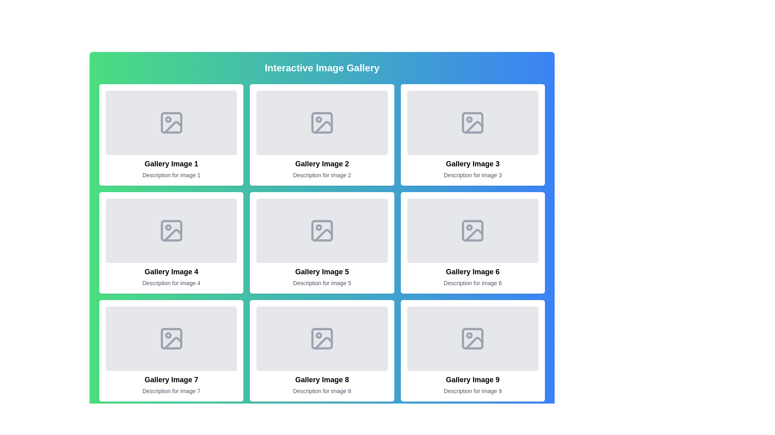 The height and width of the screenshot is (435, 775). Describe the element at coordinates (171, 231) in the screenshot. I see `the background rectangle of the icon located in the fourth tile of the grid layout` at that location.